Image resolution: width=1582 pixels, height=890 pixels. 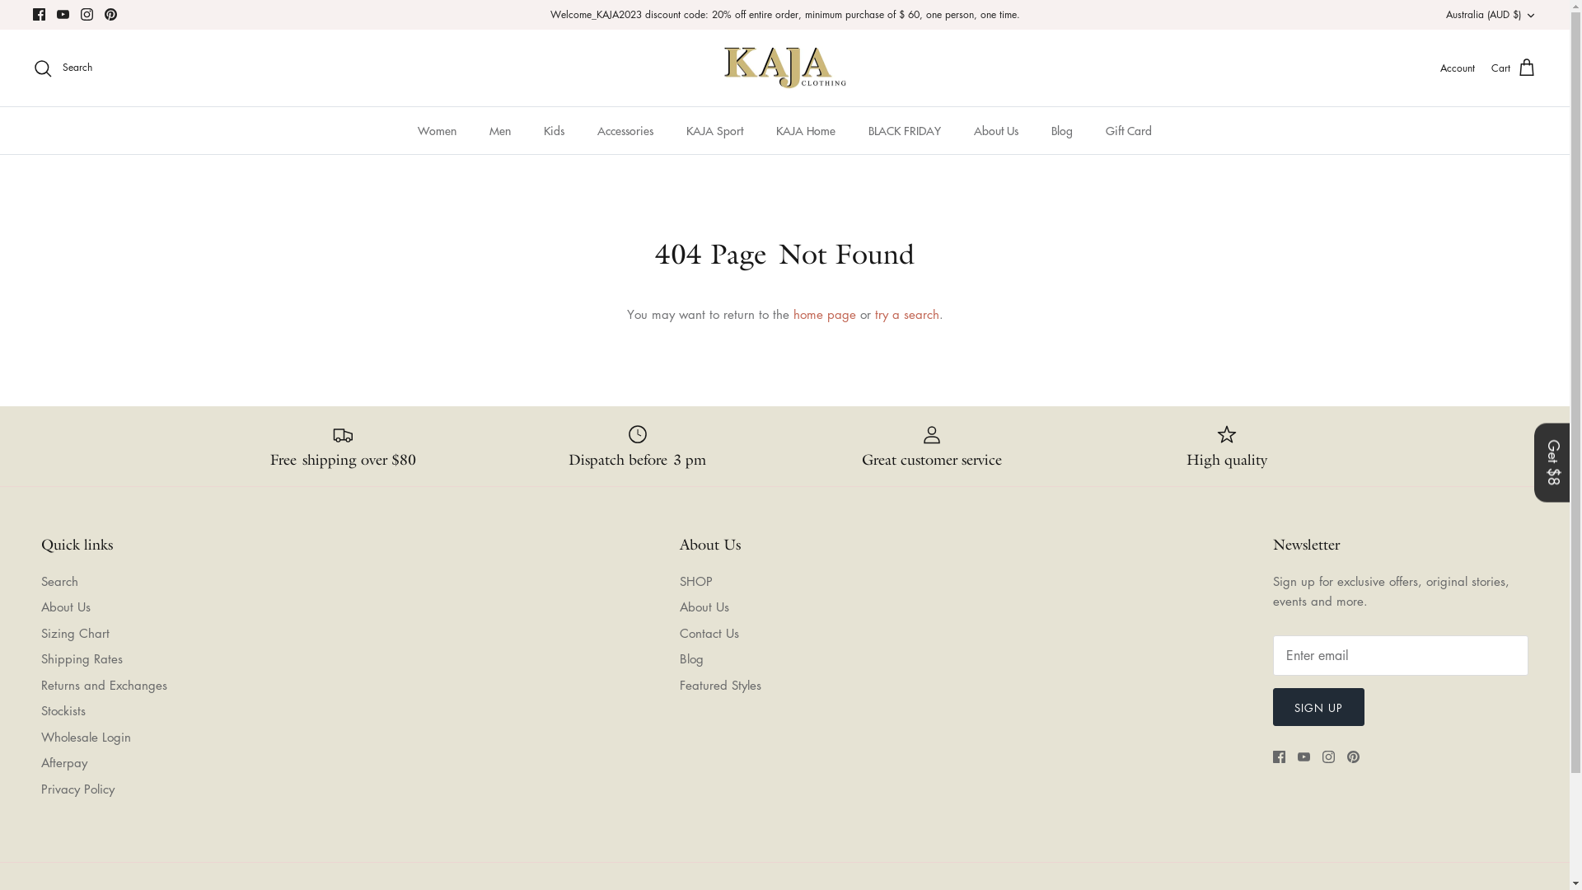 I want to click on 'SIGN UP', so click(x=1272, y=705).